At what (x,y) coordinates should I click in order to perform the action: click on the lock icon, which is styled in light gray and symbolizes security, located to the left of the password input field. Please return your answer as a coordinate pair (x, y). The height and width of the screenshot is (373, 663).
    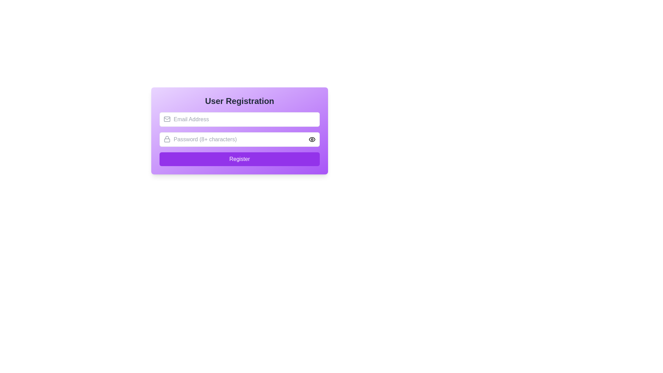
    Looking at the image, I should click on (167, 139).